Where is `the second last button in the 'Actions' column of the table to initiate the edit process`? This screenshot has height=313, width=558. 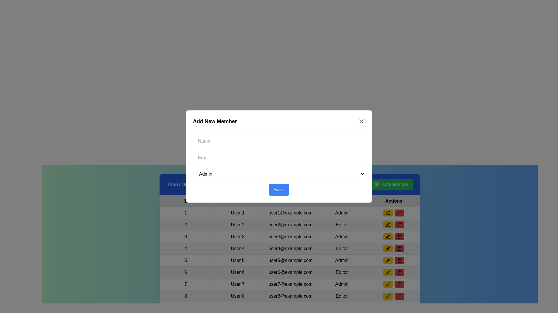
the second last button in the 'Actions' column of the table to initiate the edit process is located at coordinates (388, 296).